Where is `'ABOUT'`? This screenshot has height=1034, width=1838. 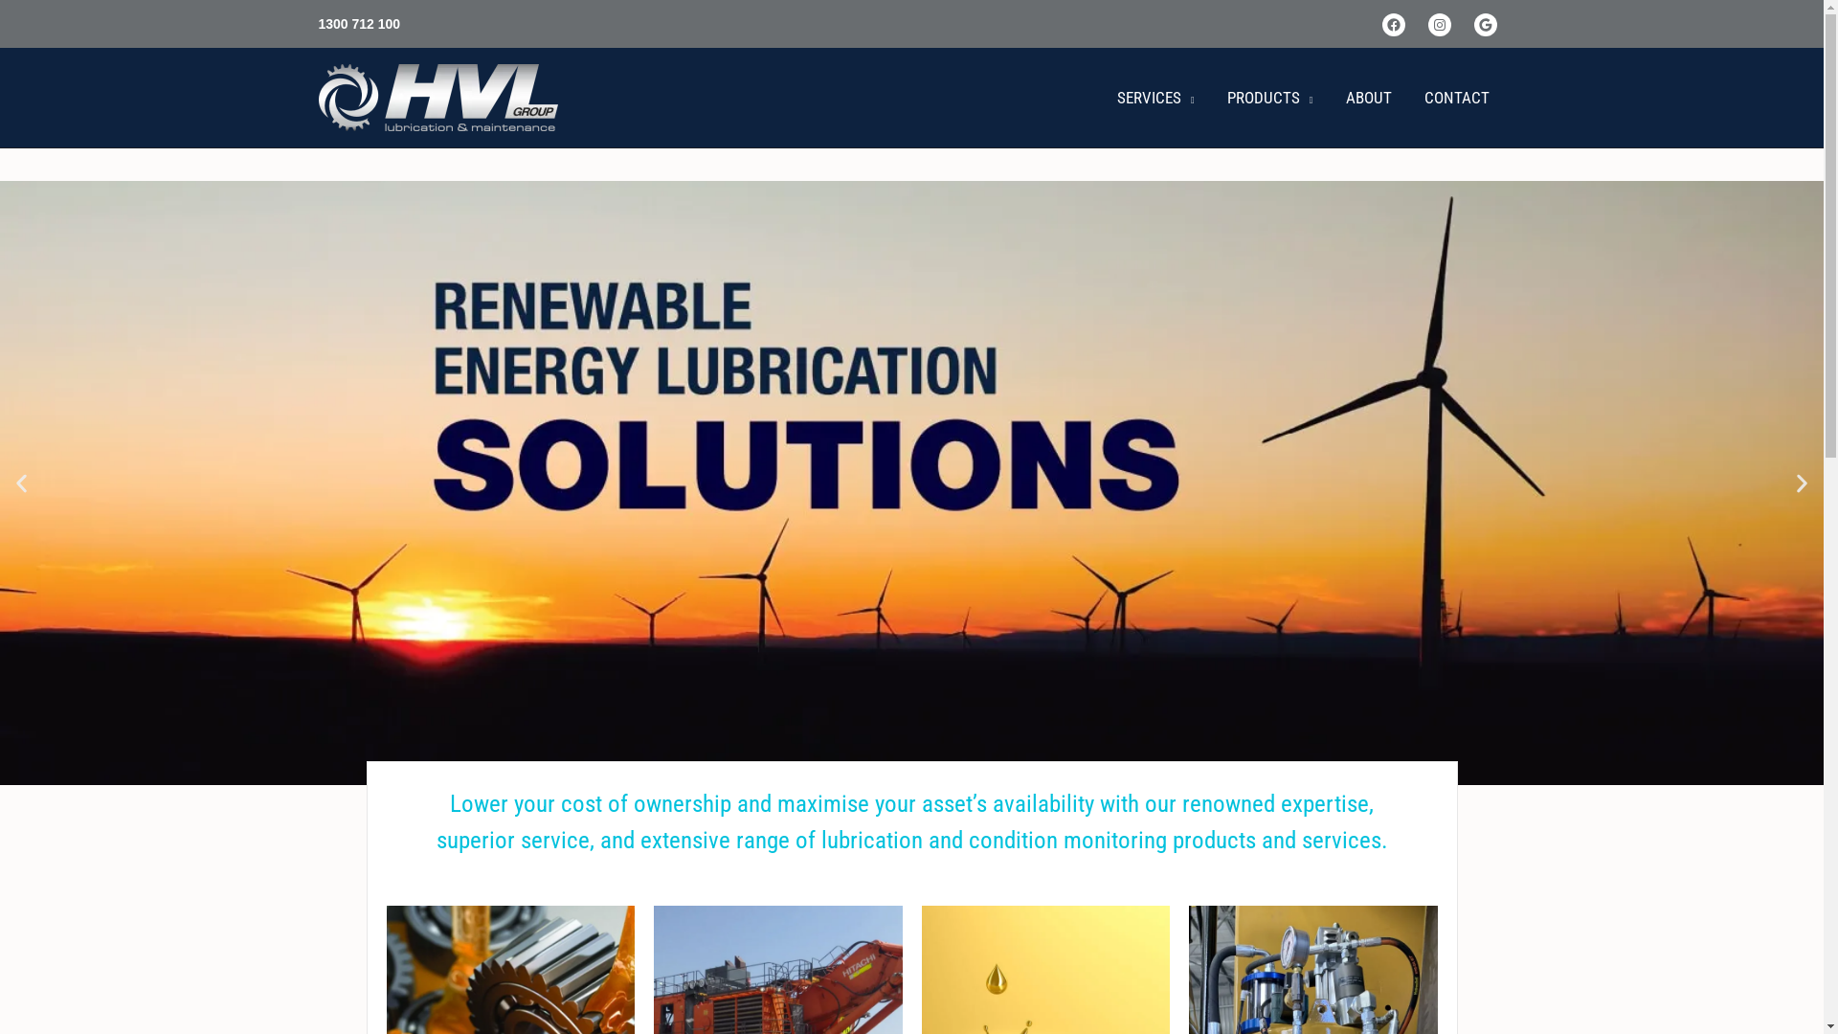 'ABOUT' is located at coordinates (1367, 97).